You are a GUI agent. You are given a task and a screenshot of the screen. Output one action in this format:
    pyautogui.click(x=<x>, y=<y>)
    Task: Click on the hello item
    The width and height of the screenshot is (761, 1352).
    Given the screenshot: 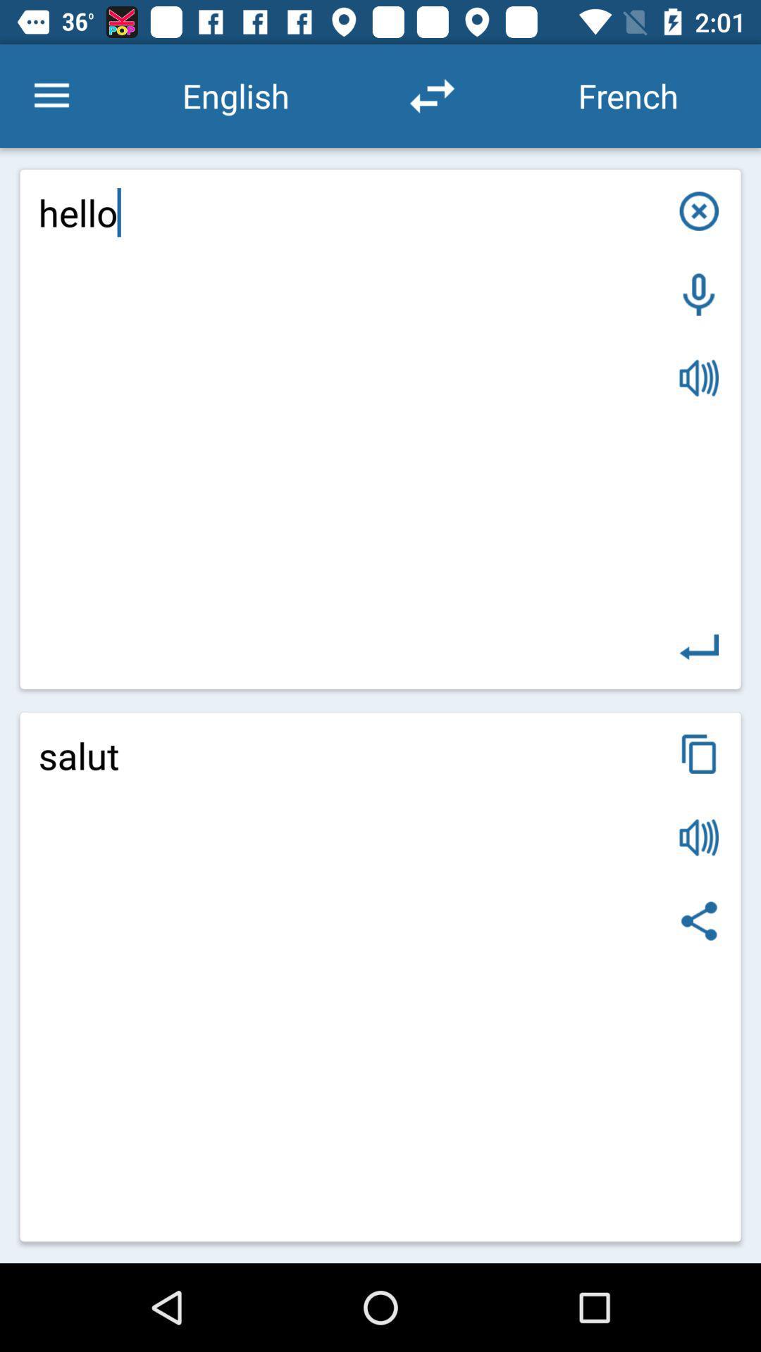 What is the action you would take?
    pyautogui.click(x=380, y=428)
    